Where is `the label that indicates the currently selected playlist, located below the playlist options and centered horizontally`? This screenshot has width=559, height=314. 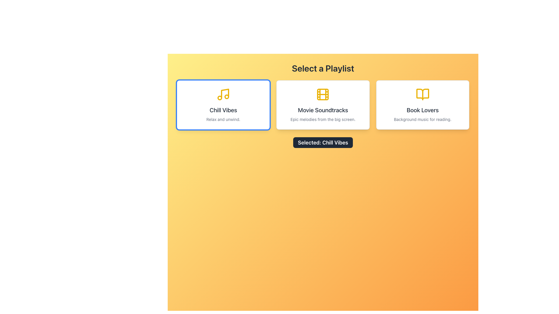
the label that indicates the currently selected playlist, located below the playlist options and centered horizontally is located at coordinates (323, 142).